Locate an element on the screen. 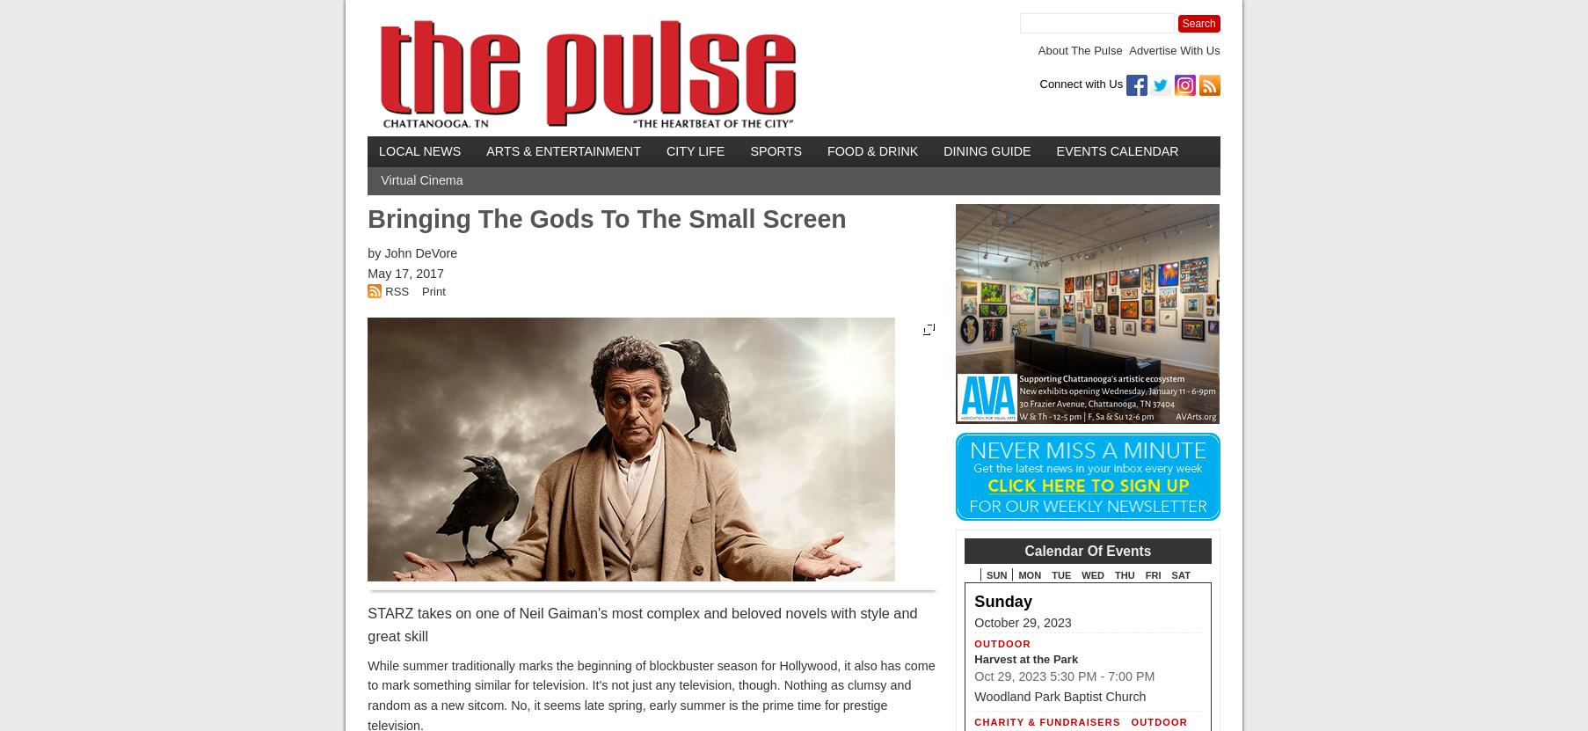  'facebook' is located at coordinates (1262, 80).